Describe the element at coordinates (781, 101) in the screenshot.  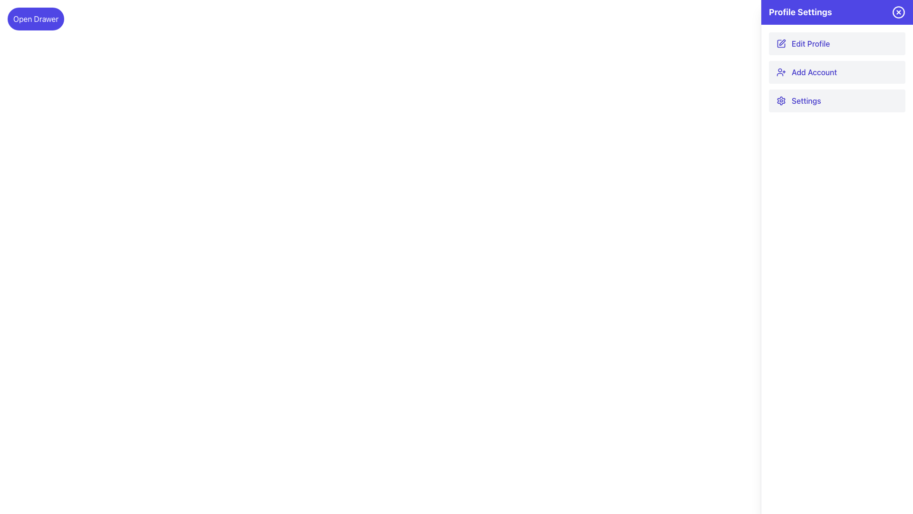
I see `the gear icon indicating settings, located beside the 'Settings' text in the 'Profile Settings' panel` at that location.